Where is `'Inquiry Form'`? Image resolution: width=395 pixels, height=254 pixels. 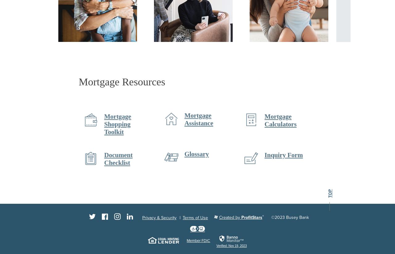
'Inquiry Form' is located at coordinates (282, 154).